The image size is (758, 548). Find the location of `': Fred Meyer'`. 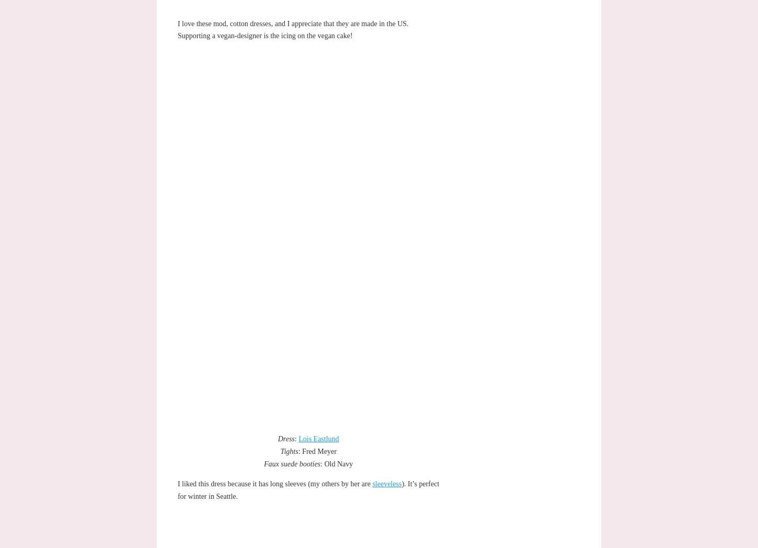

': Fred Meyer' is located at coordinates (316, 451).